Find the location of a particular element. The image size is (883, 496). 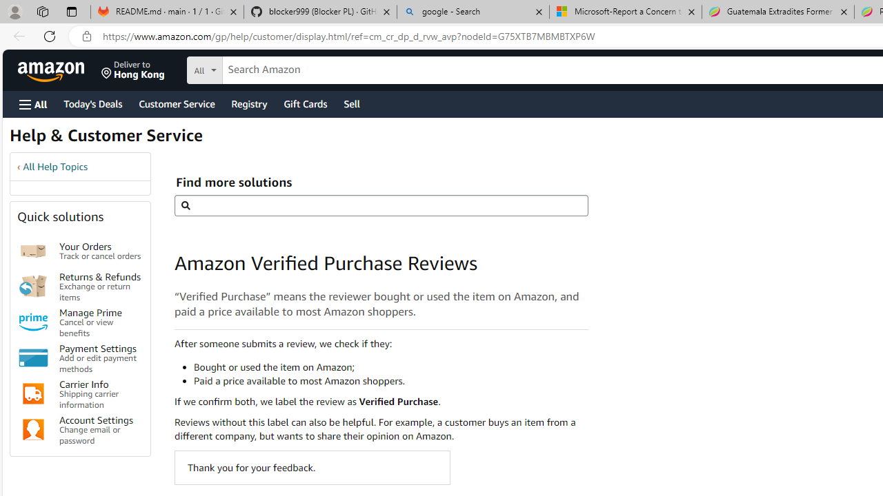

'Carrier Info' is located at coordinates (33, 394).